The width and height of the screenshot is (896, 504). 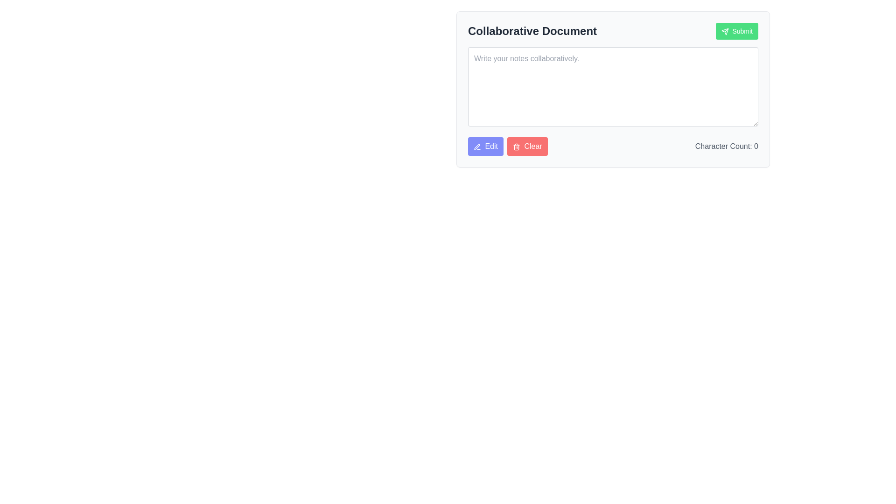 What do you see at coordinates (477, 147) in the screenshot?
I see `the pen icon in the toolbar` at bounding box center [477, 147].